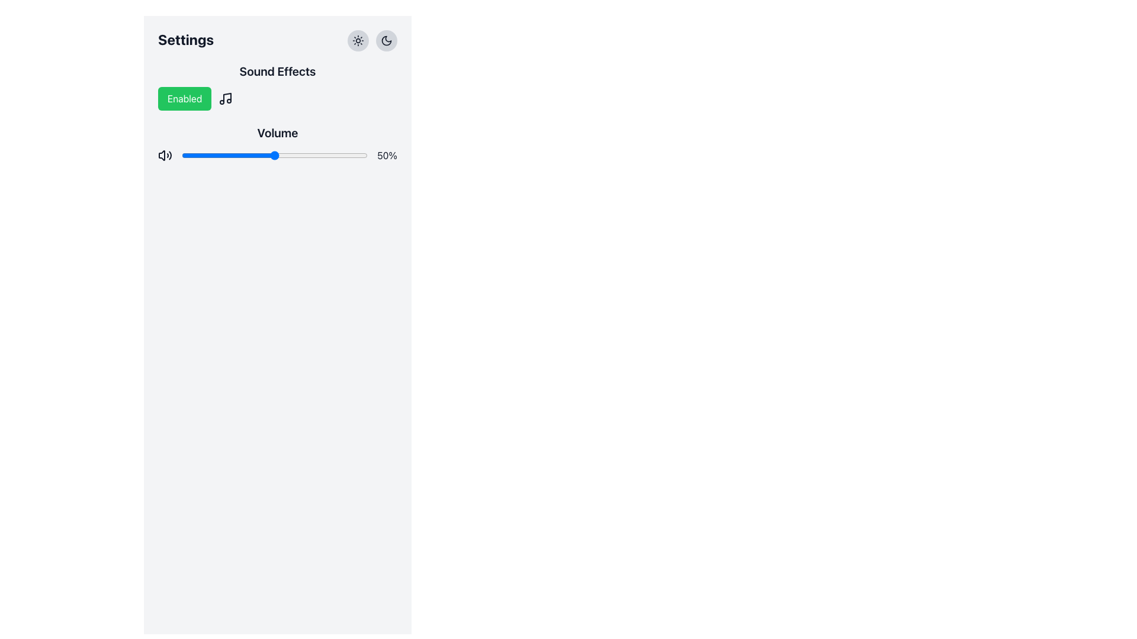 The image size is (1137, 639). Describe the element at coordinates (191, 154) in the screenshot. I see `the volume` at that location.